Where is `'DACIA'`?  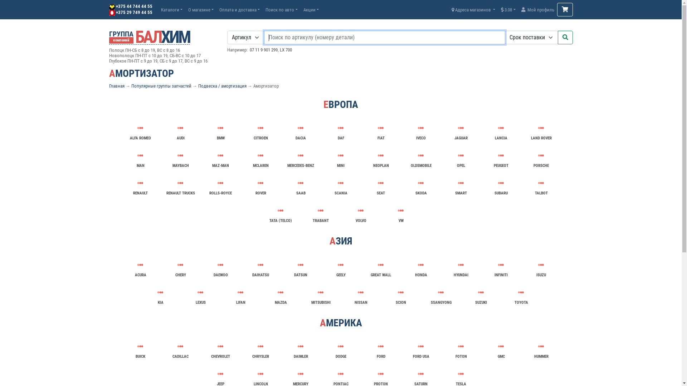
'DACIA' is located at coordinates (301, 128).